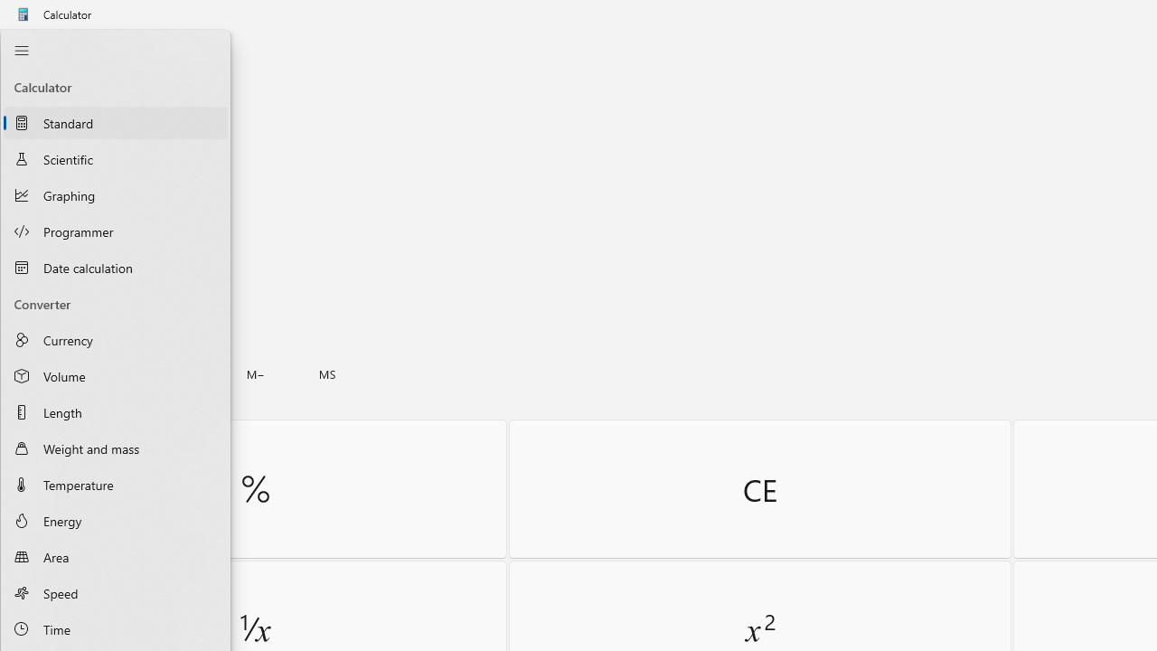 The image size is (1157, 651). I want to click on 'Time Converter', so click(115, 628).